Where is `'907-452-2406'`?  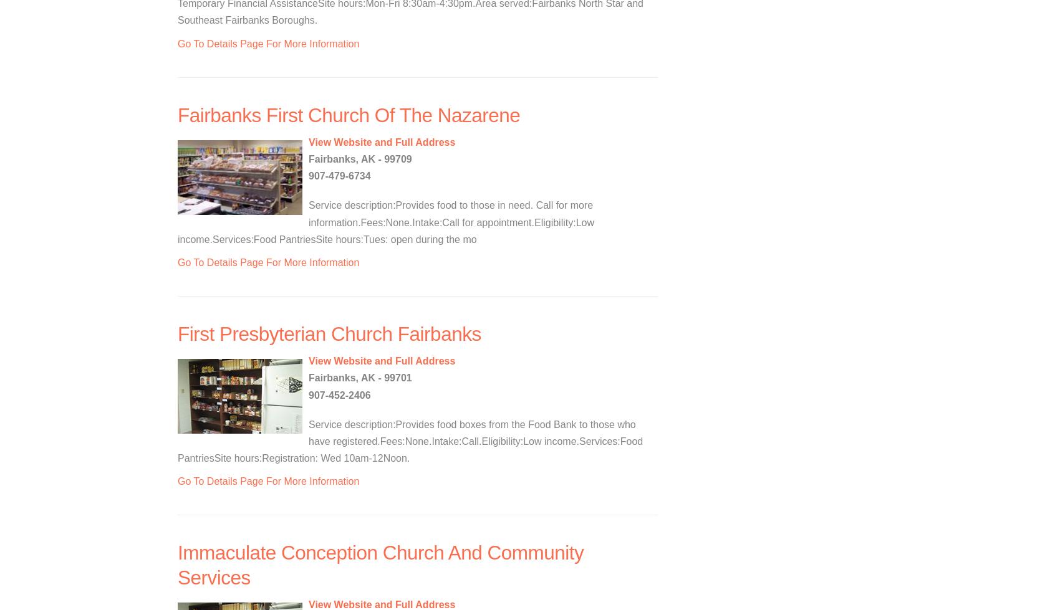
'907-452-2406' is located at coordinates (339, 394).